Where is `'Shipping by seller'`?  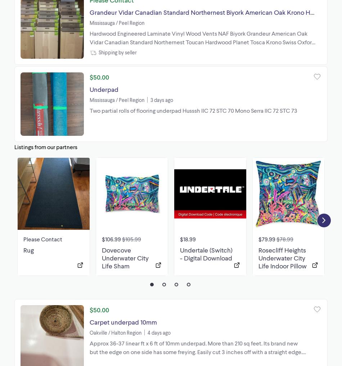
'Shipping by seller' is located at coordinates (117, 52).